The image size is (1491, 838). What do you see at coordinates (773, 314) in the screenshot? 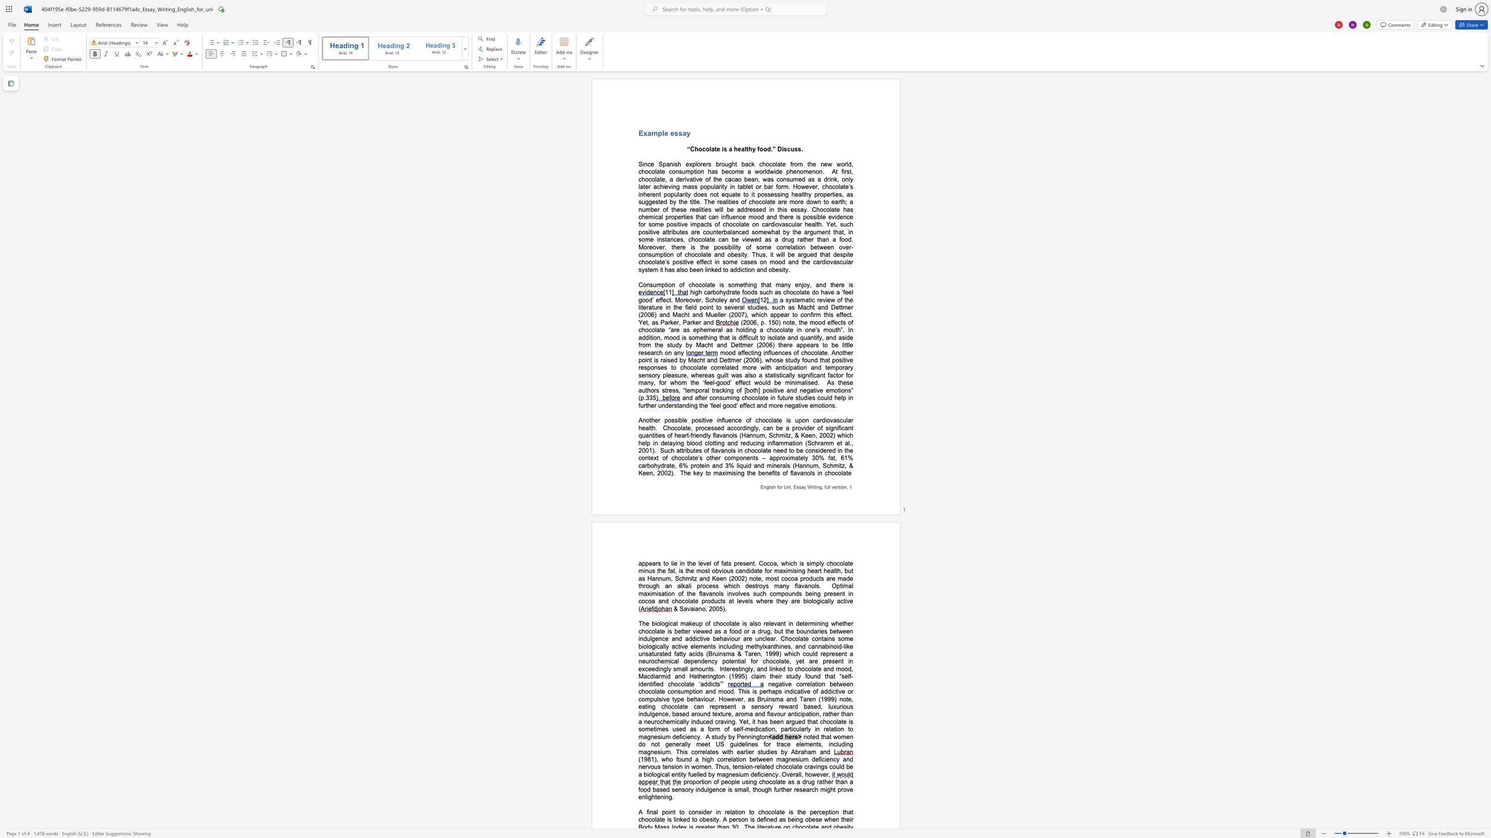
I see `the subset text "ppear to confirm" within the text "appear to confirm"` at bounding box center [773, 314].